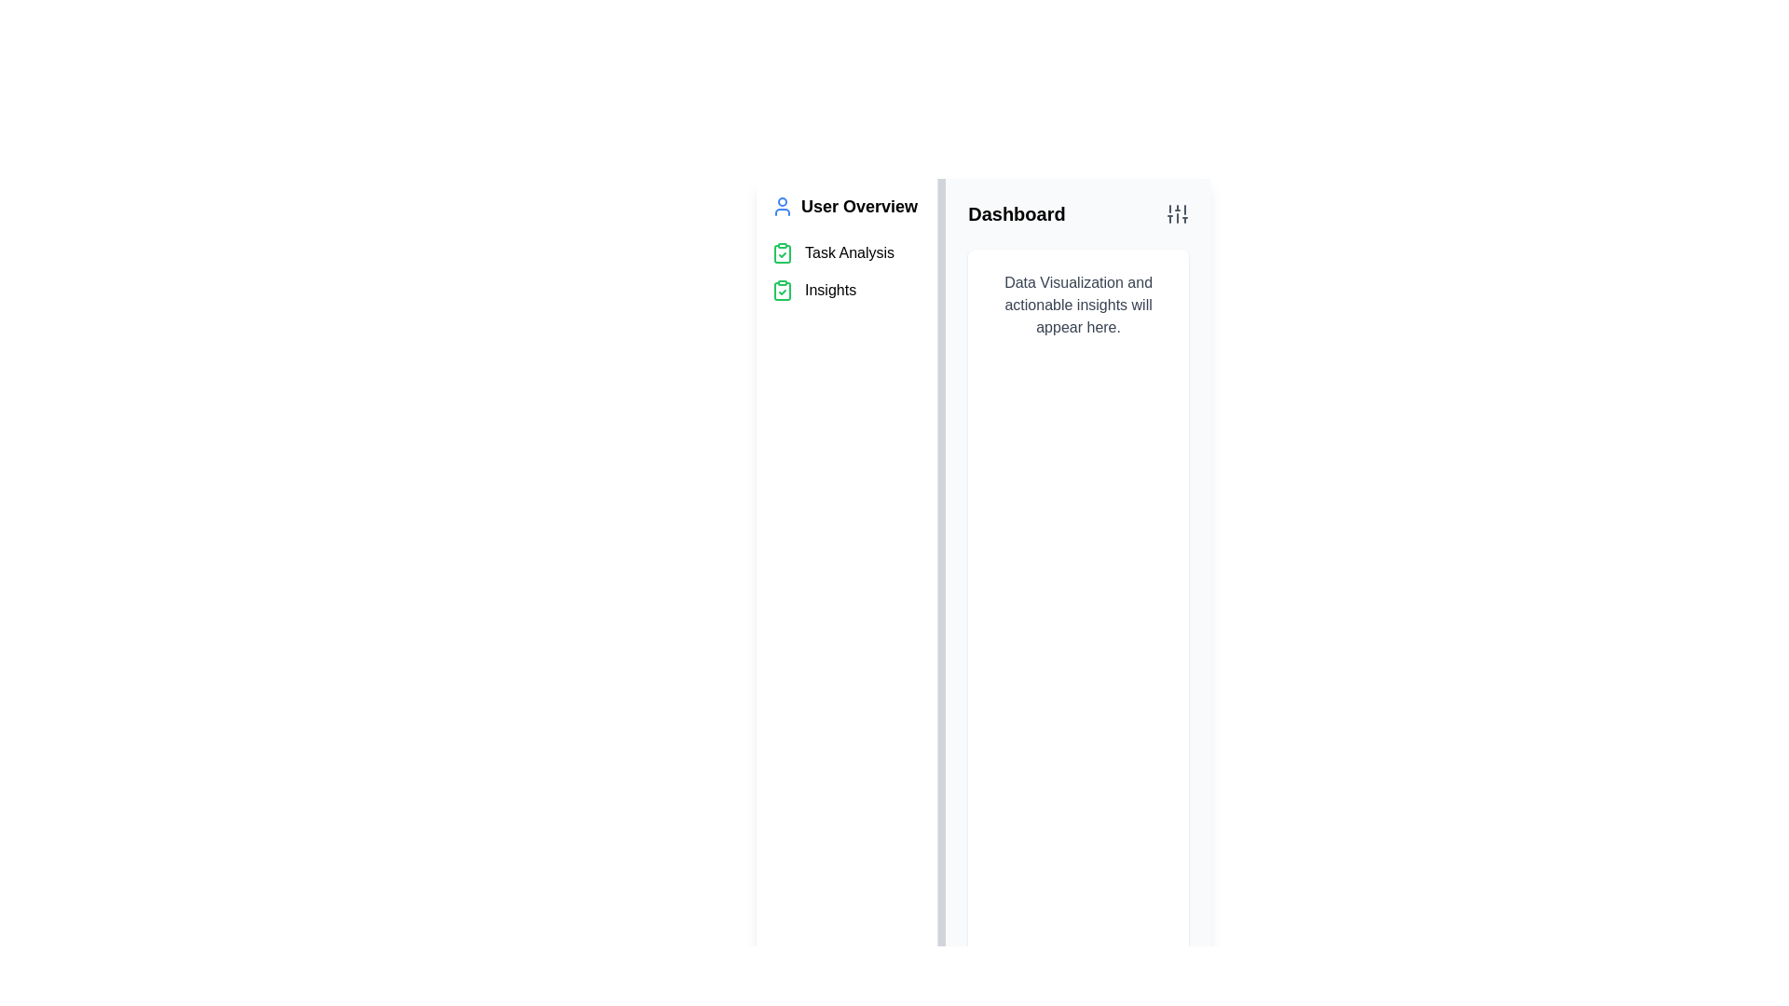 The height and width of the screenshot is (1006, 1789). What do you see at coordinates (783, 291) in the screenshot?
I see `the 'Insights' icon located at the beginning of the 'Insights' row in the left vertical navigation panel, positioned below the 'Task Analysis' entry` at bounding box center [783, 291].